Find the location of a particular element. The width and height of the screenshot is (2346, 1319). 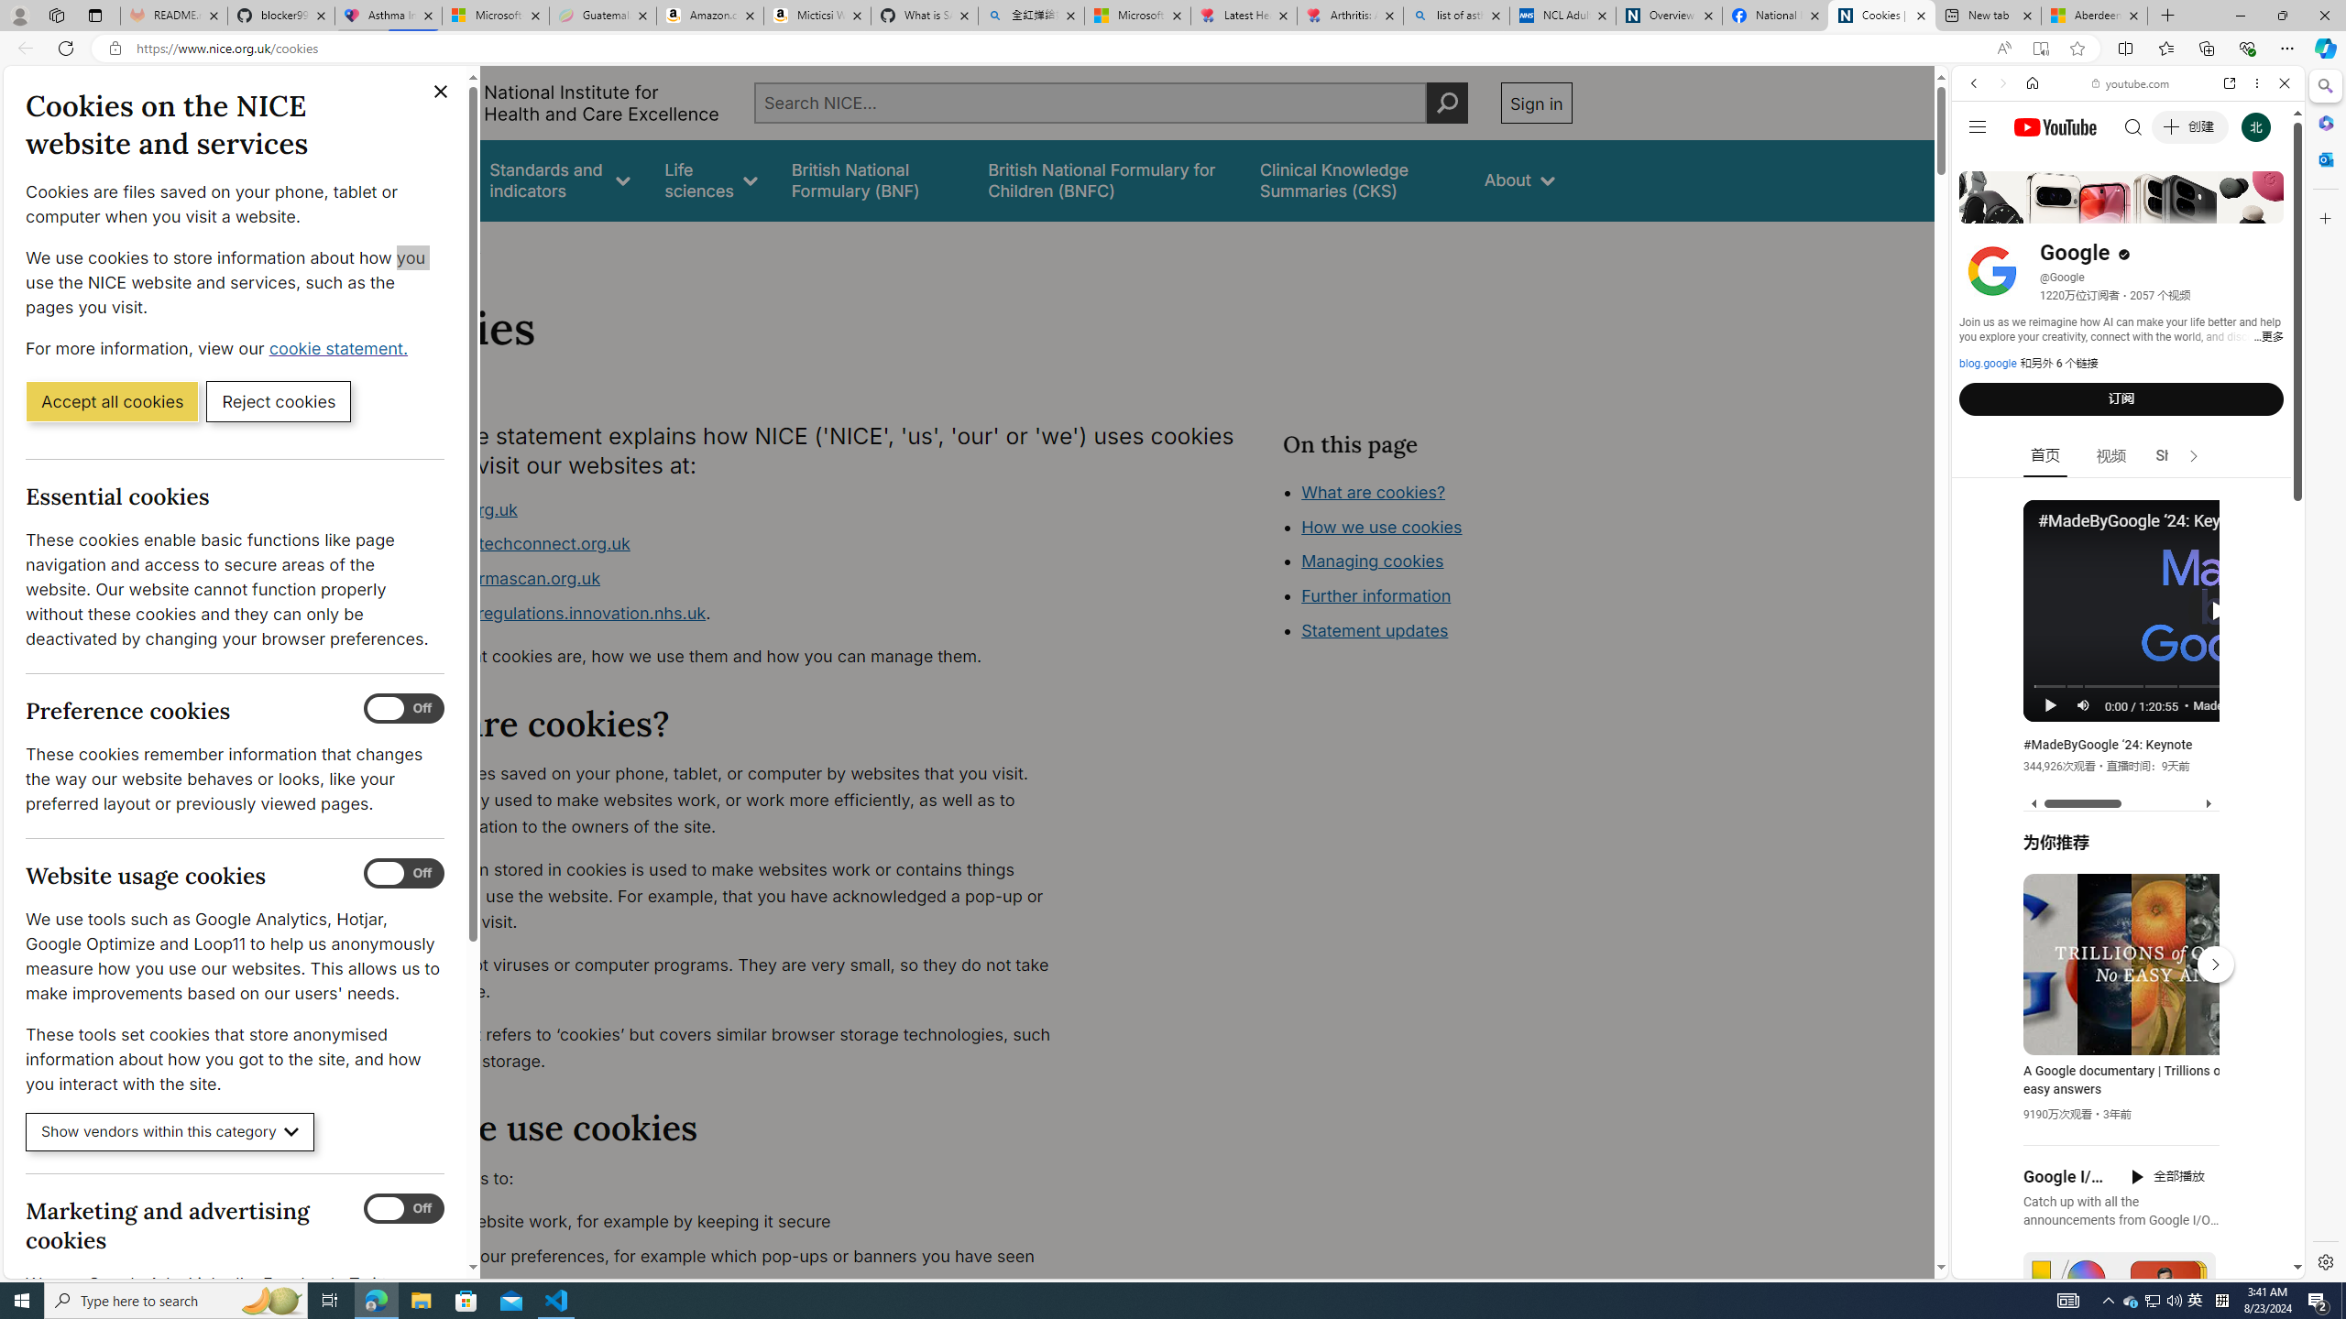

'www.nice.org.uk' is located at coordinates (451, 508).